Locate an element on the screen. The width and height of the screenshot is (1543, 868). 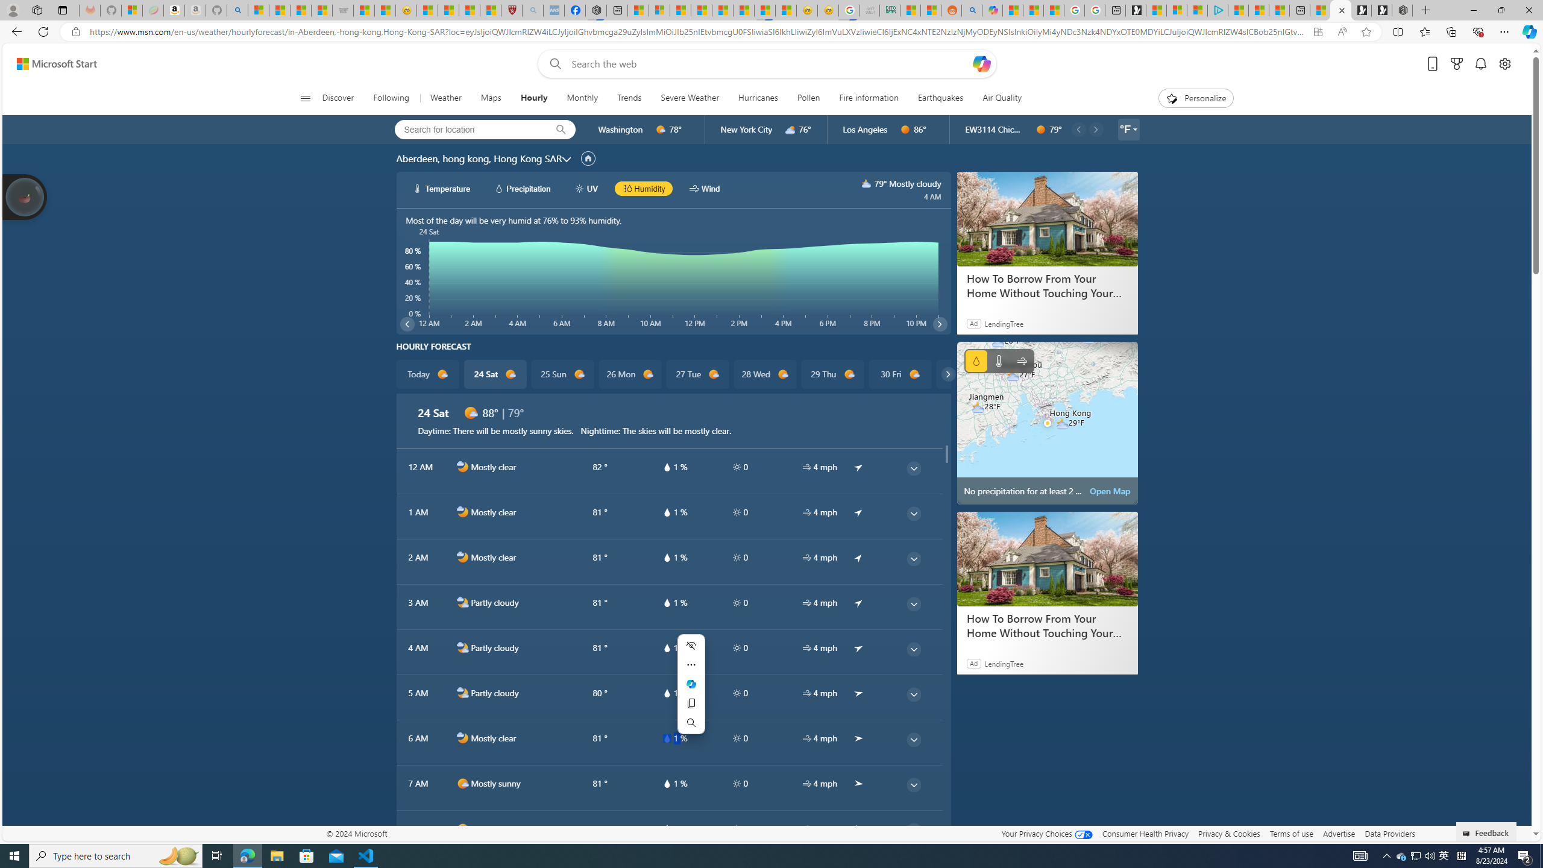
'common/carouselChevron' is located at coordinates (948, 374).